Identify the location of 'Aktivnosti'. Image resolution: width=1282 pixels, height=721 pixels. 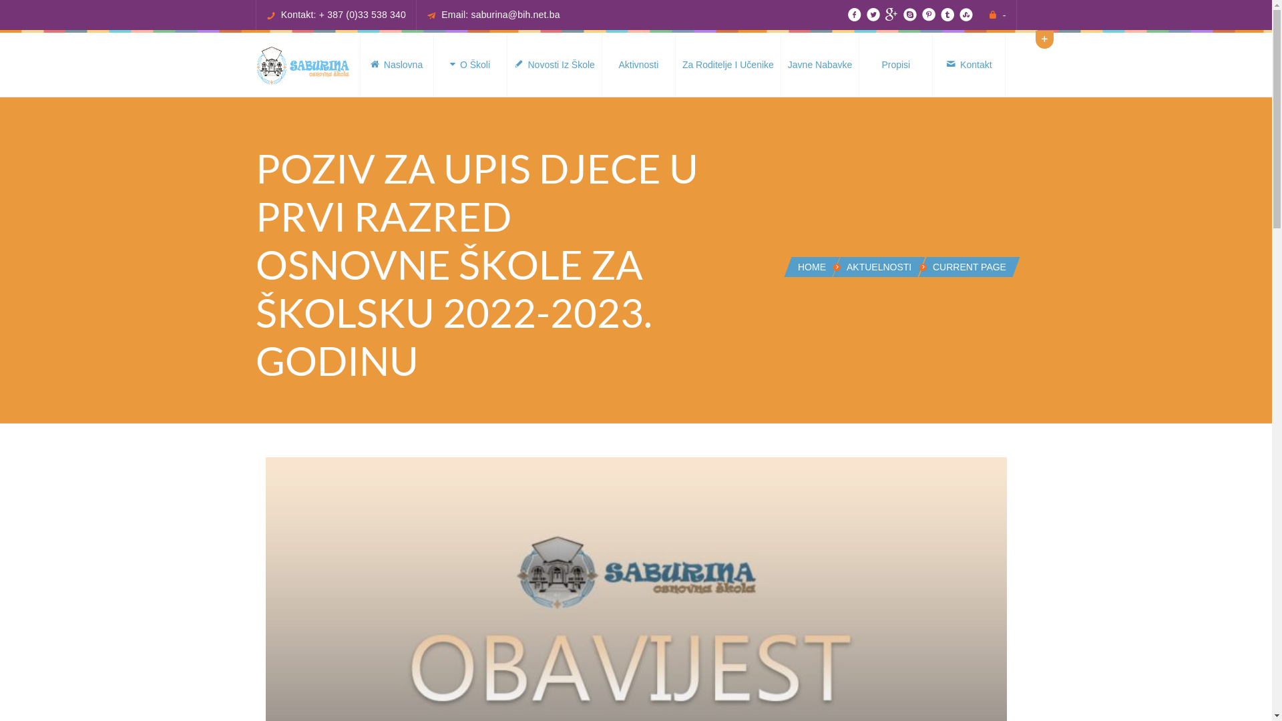
(637, 65).